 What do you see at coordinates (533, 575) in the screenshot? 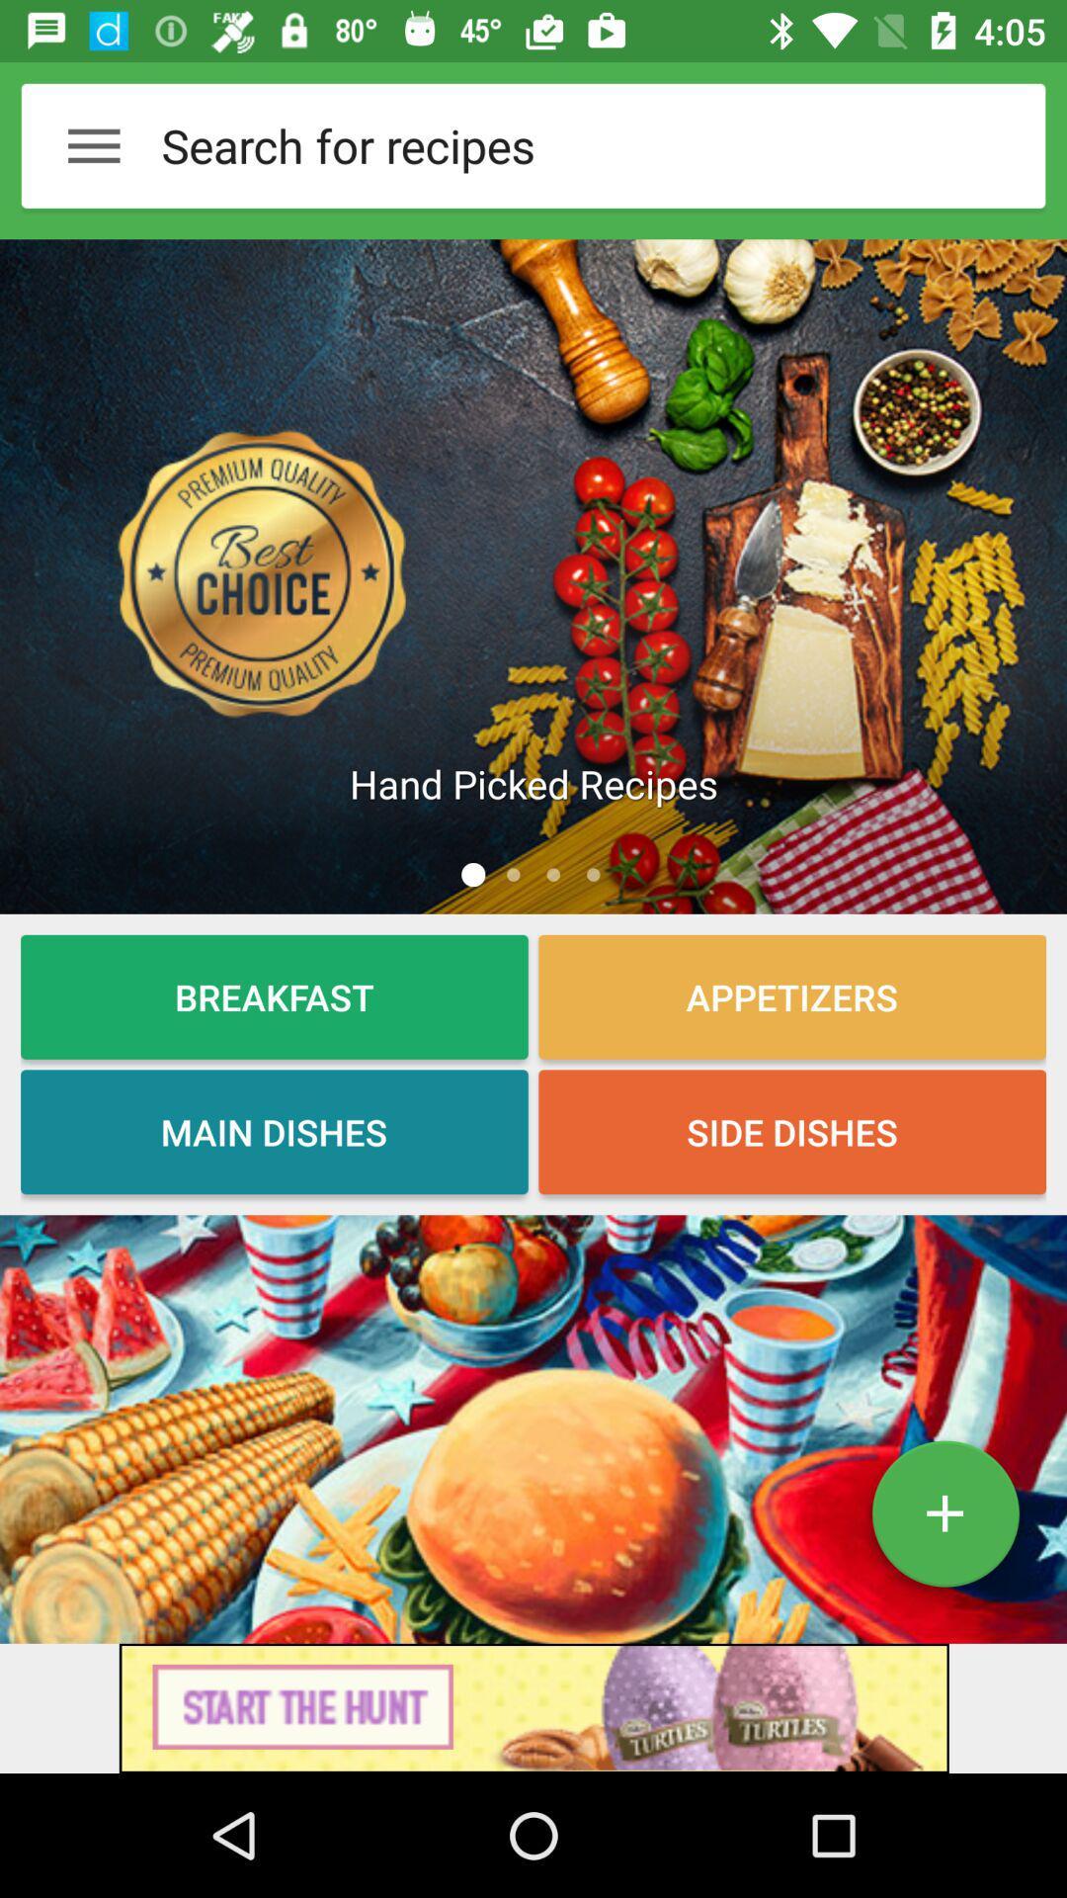
I see `article` at bounding box center [533, 575].